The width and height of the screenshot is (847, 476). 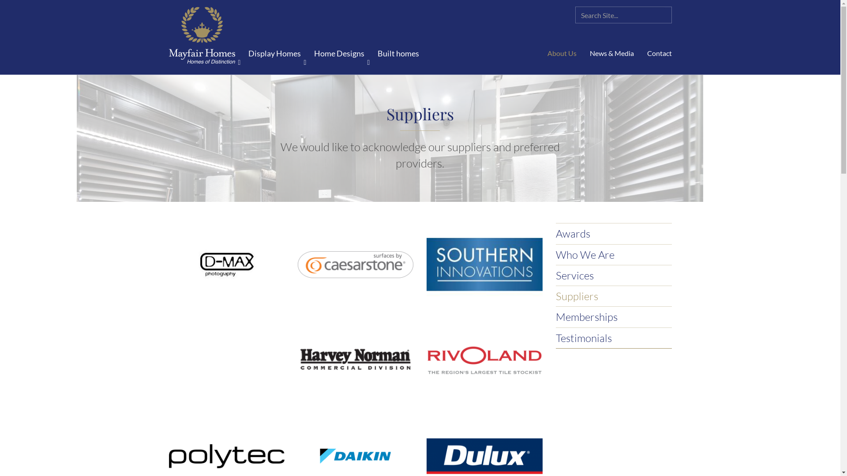 What do you see at coordinates (574, 275) in the screenshot?
I see `'Services'` at bounding box center [574, 275].